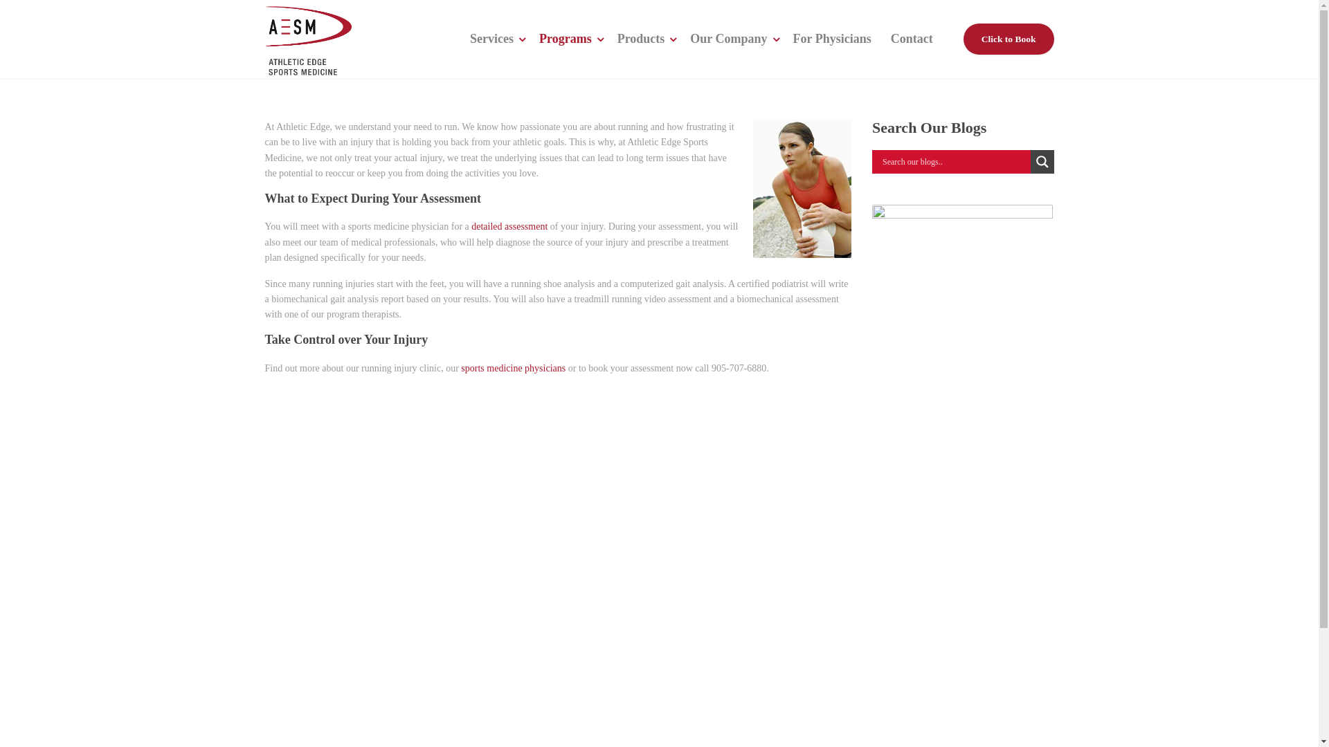 This screenshot has width=1329, height=747. I want to click on 'sports medicine physicians', so click(461, 367).